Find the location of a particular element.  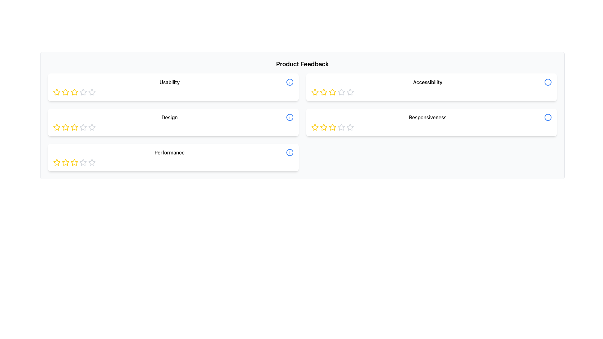

the second star icon representing the second rating level in the 'Design' category for interaction is located at coordinates (57, 127).